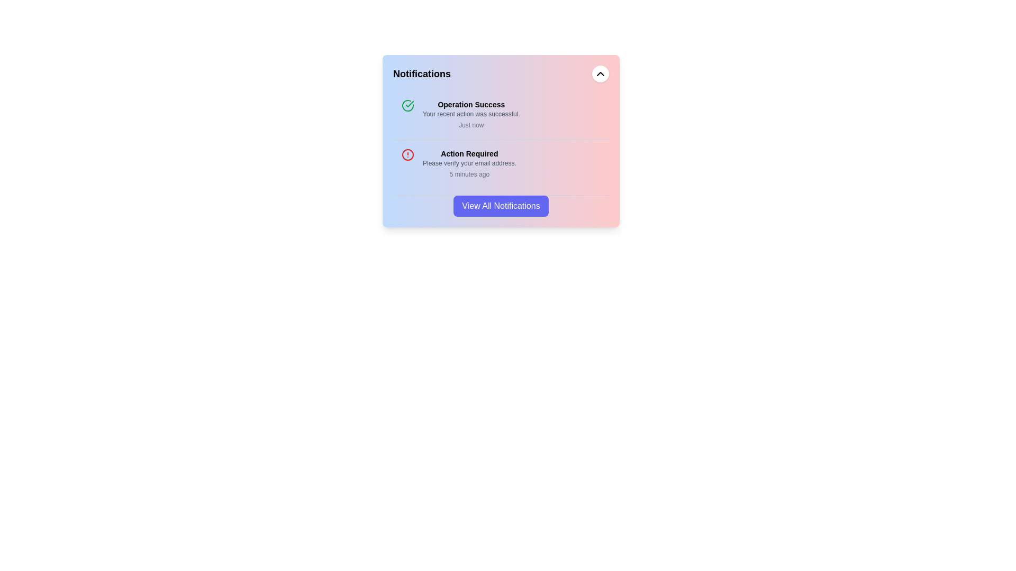 The height and width of the screenshot is (571, 1016). I want to click on the upward-pointing chevron icon, which is black and centered within a circular white button in the top-right corner of the notifications dialog box, to interact with its functionality, so click(600, 73).